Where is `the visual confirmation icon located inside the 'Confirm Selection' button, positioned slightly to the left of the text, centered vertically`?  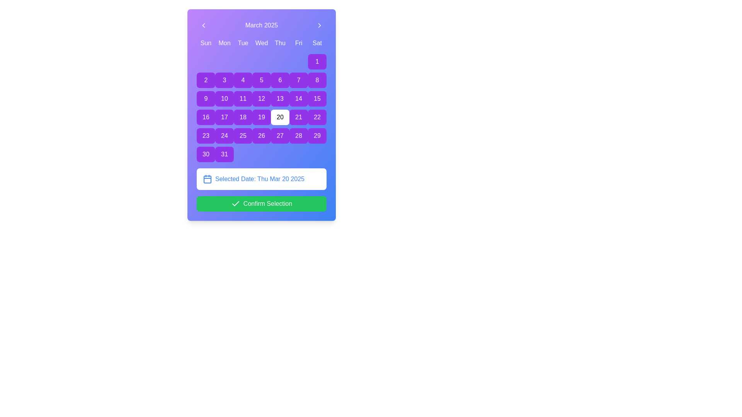 the visual confirmation icon located inside the 'Confirm Selection' button, positioned slightly to the left of the text, centered vertically is located at coordinates (235, 203).